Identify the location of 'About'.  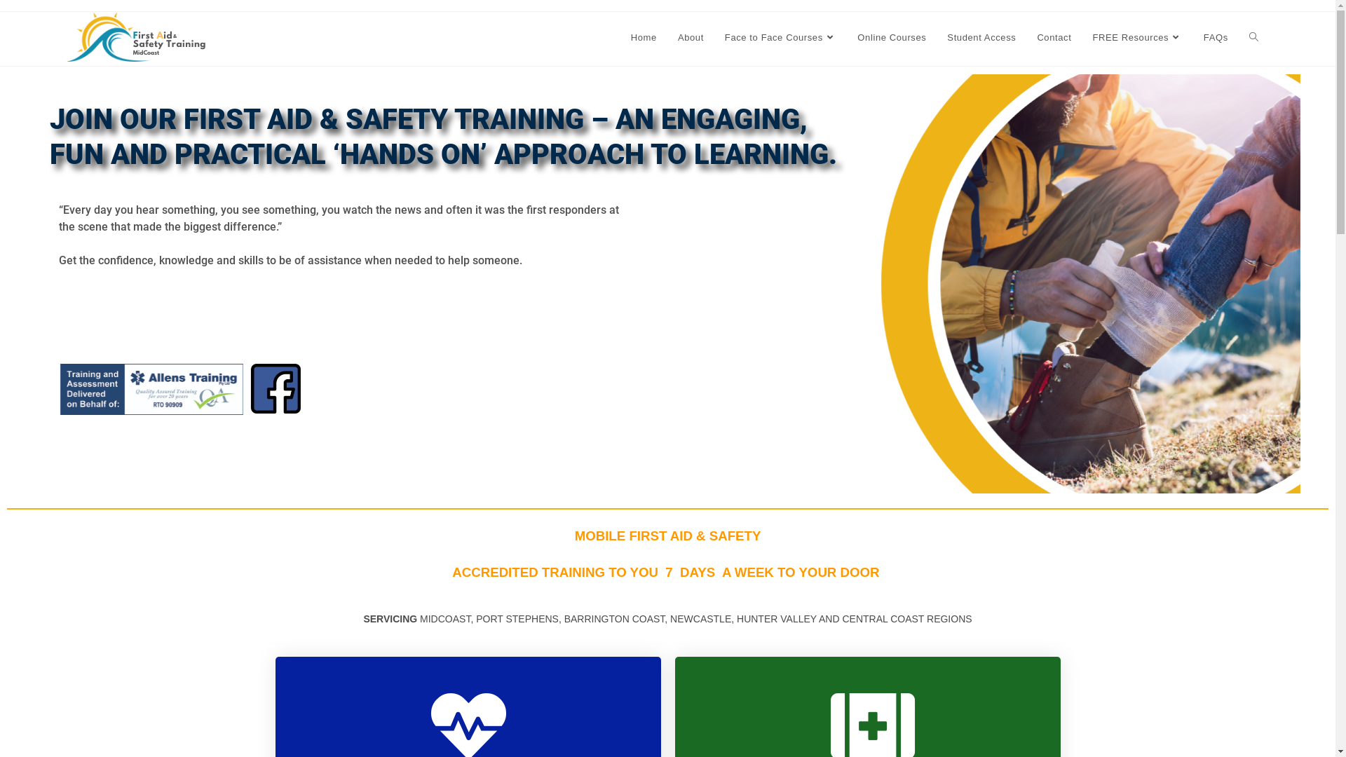
(666, 37).